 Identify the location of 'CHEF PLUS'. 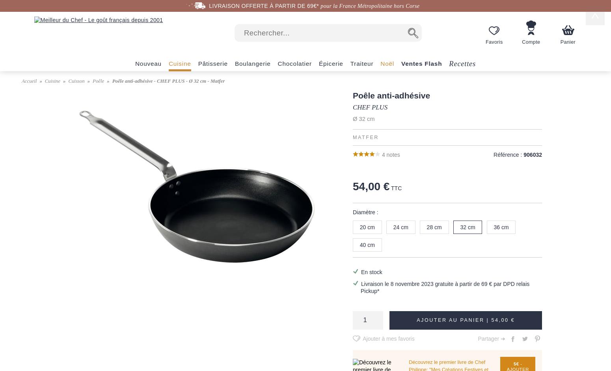
(352, 107).